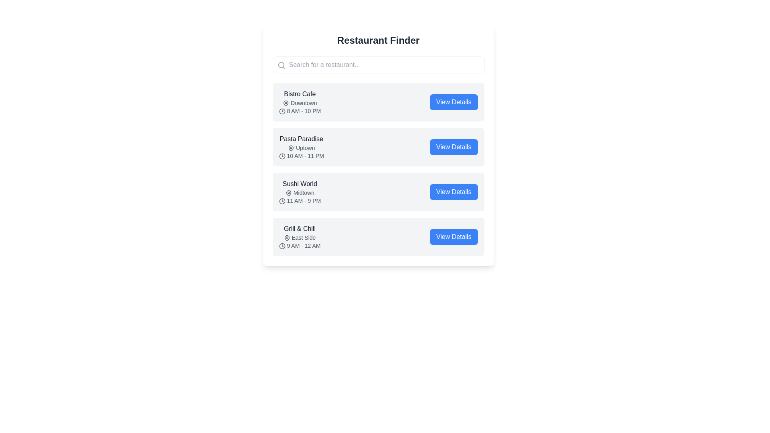  What do you see at coordinates (282, 111) in the screenshot?
I see `the clock icon located to the left of the '8 AM - 10 PM' text in the Bistro Cafe entry of the Restaurant Finder interface` at bounding box center [282, 111].